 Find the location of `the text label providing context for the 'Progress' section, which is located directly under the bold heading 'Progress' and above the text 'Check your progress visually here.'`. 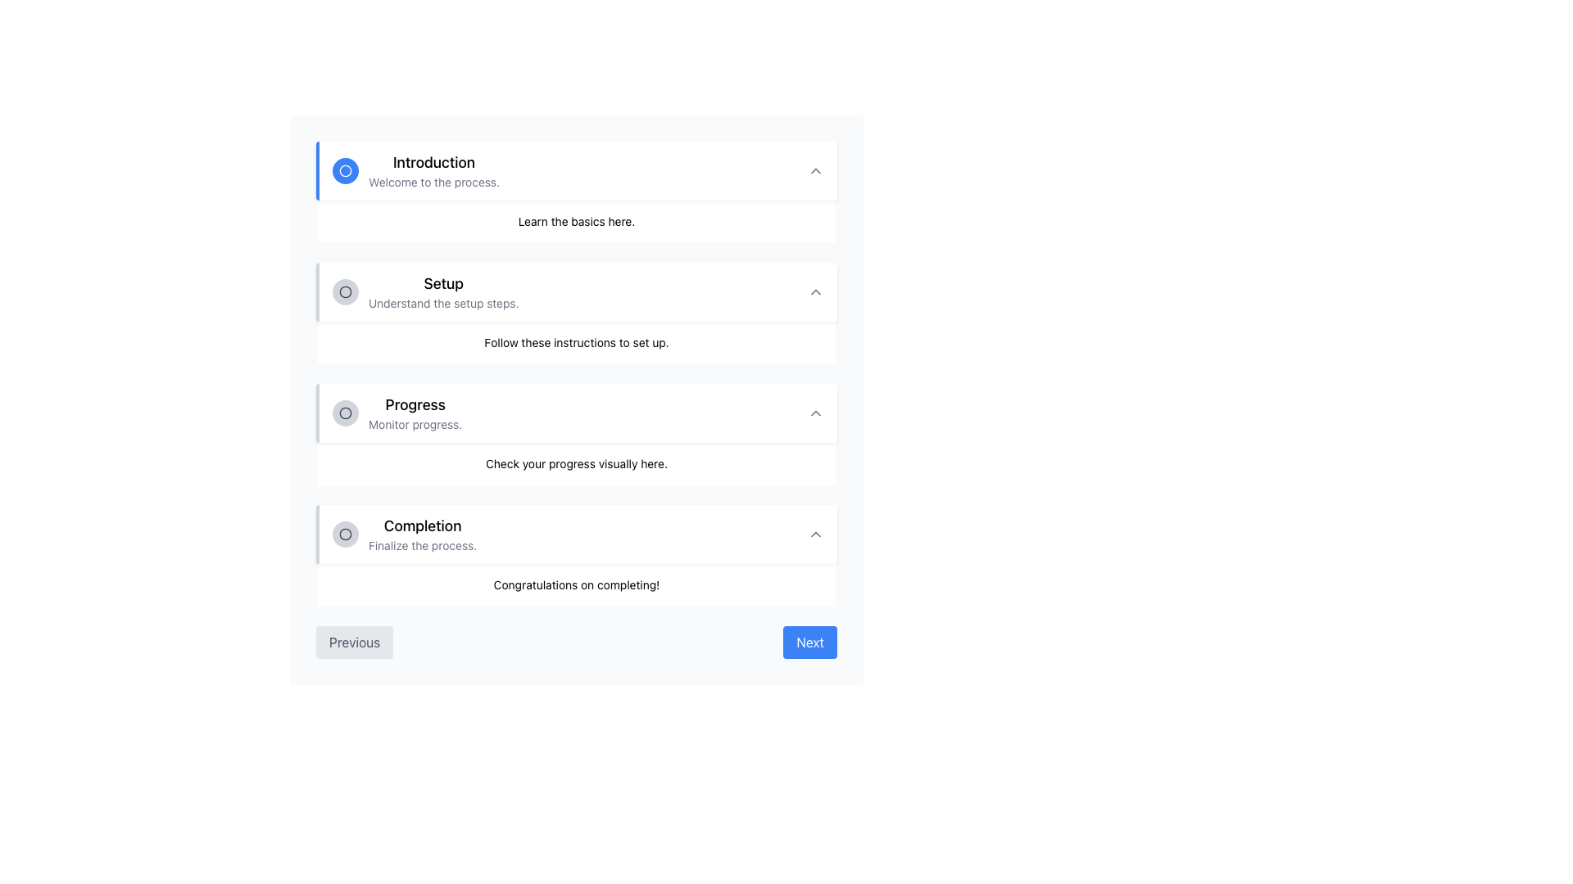

the text label providing context for the 'Progress' section, which is located directly under the bold heading 'Progress' and above the text 'Check your progress visually here.' is located at coordinates (415, 424).